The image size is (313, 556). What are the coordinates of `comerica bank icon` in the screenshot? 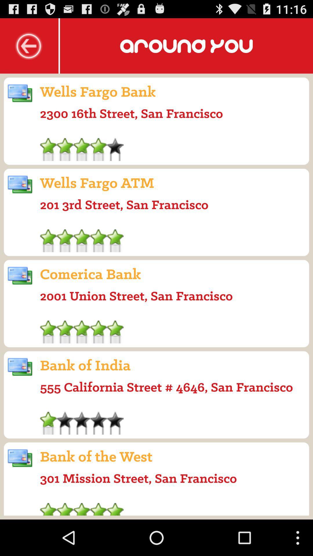 It's located at (90, 273).